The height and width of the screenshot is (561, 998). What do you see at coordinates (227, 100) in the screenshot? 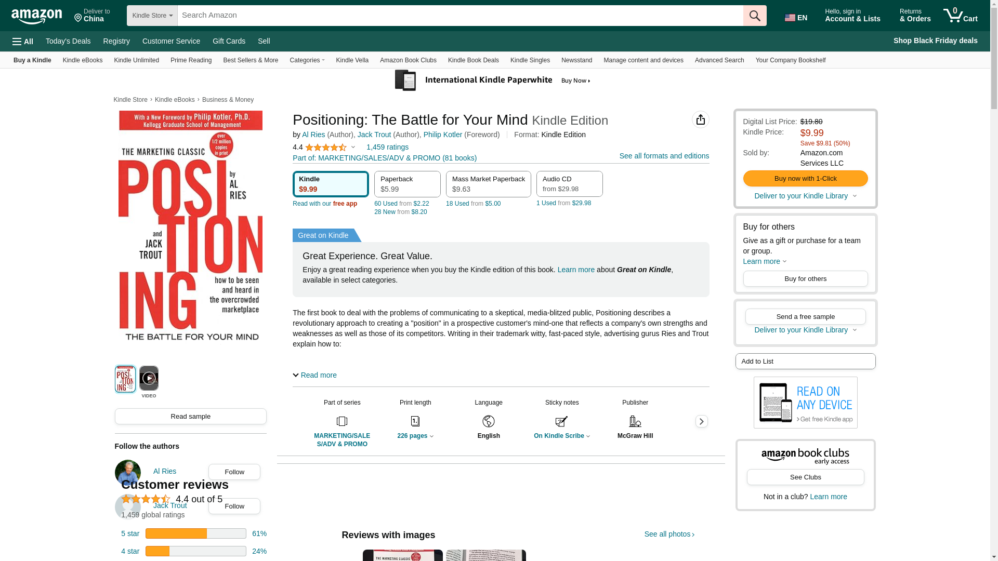
I see `'Business & Money'` at bounding box center [227, 100].